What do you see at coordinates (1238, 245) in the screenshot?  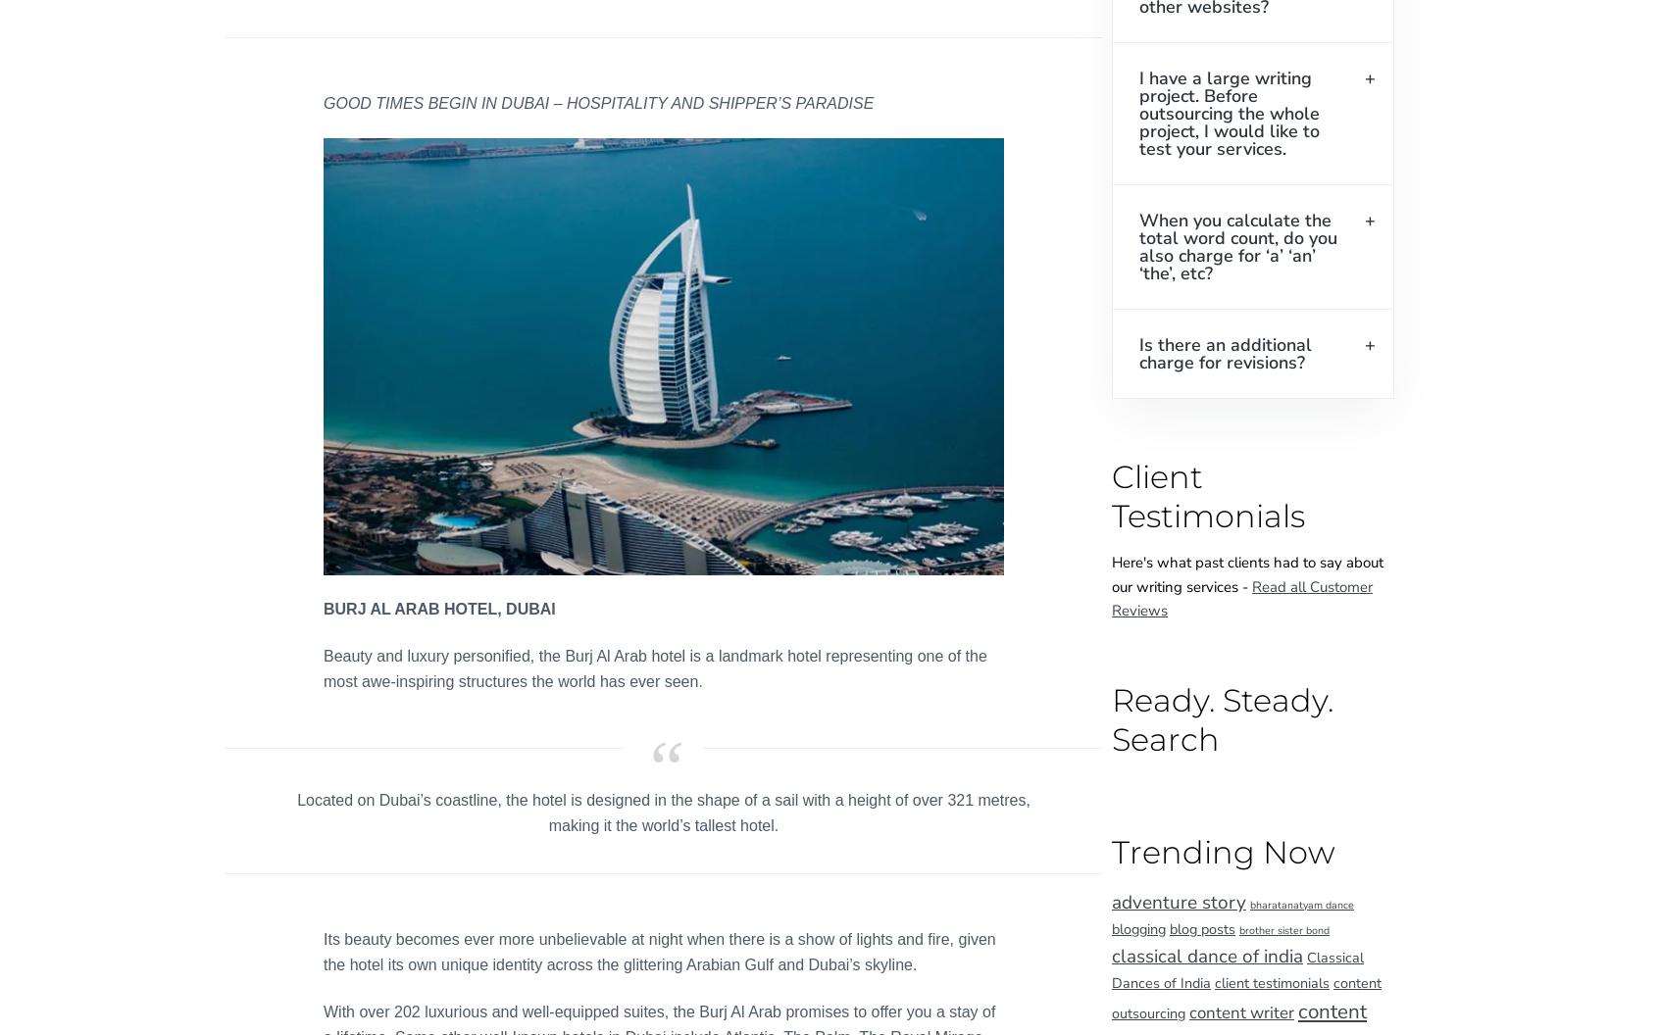 I see `'When you calculate the total word count, do you also charge for ‘a’ ‘an’ ‘the’, etc?'` at bounding box center [1238, 245].